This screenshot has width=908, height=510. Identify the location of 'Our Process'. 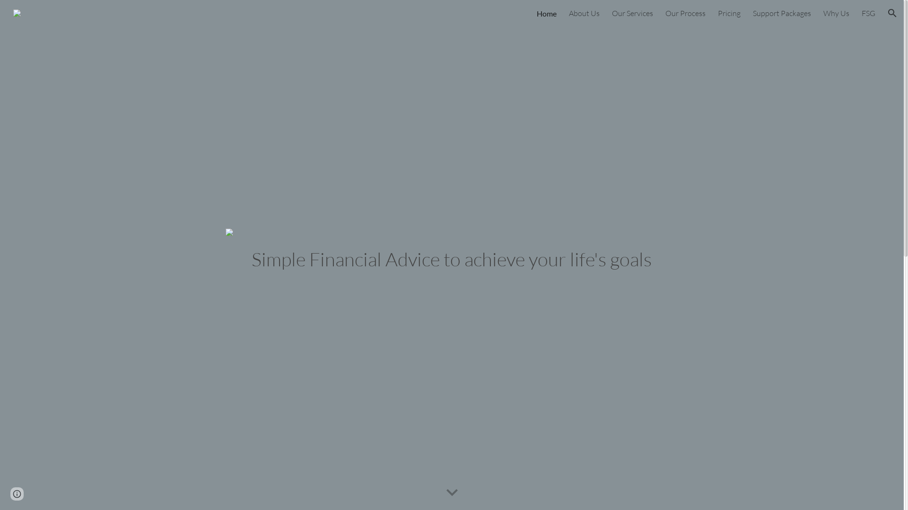
(685, 13).